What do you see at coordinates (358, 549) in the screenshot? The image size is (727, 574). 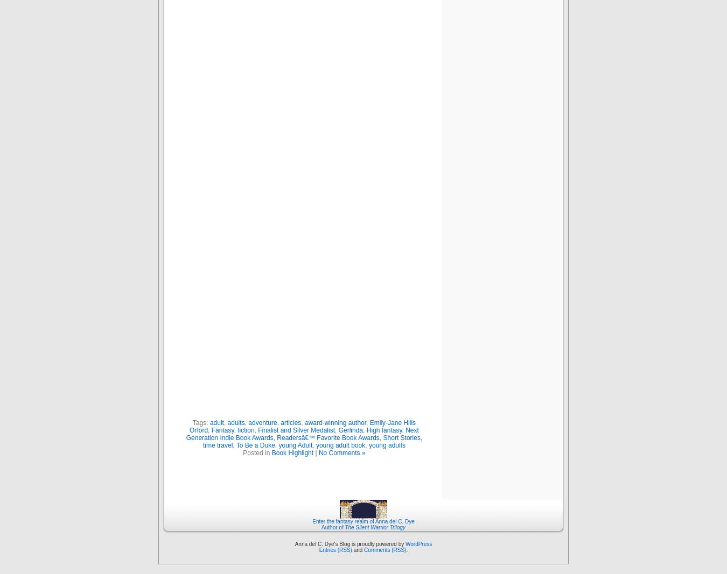 I see `'and'` at bounding box center [358, 549].